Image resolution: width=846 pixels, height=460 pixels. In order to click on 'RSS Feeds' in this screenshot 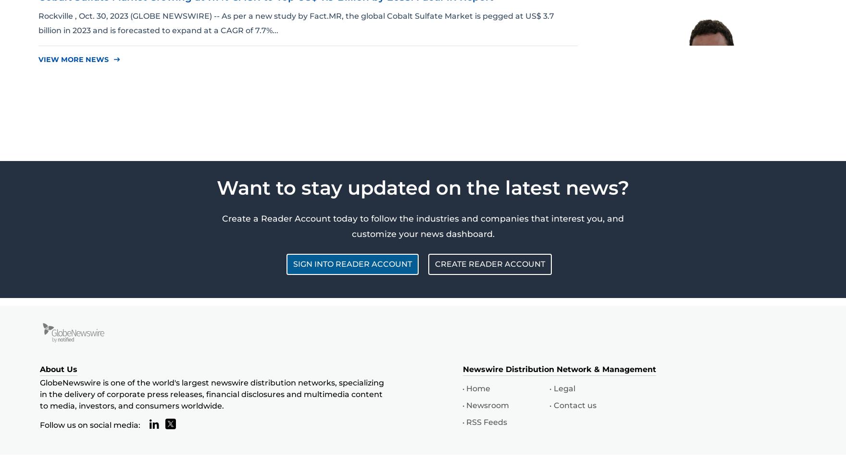, I will do `click(486, 422)`.